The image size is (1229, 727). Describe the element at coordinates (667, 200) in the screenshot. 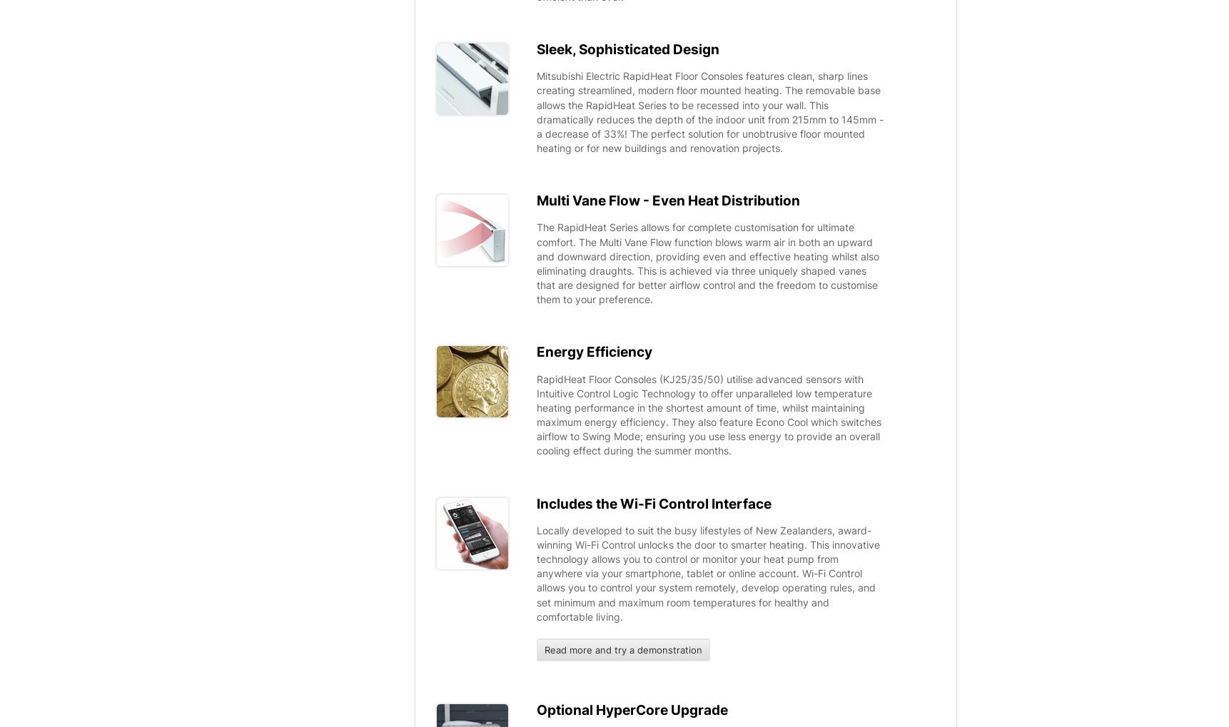

I see `'Multi Vane Flow - Even Heat Distribution'` at that location.